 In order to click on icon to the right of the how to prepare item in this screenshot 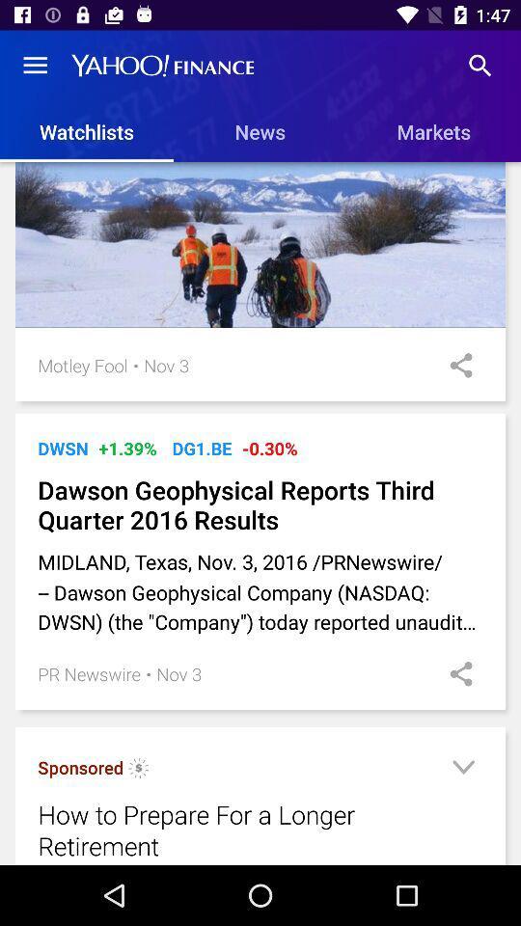, I will do `click(462, 770)`.